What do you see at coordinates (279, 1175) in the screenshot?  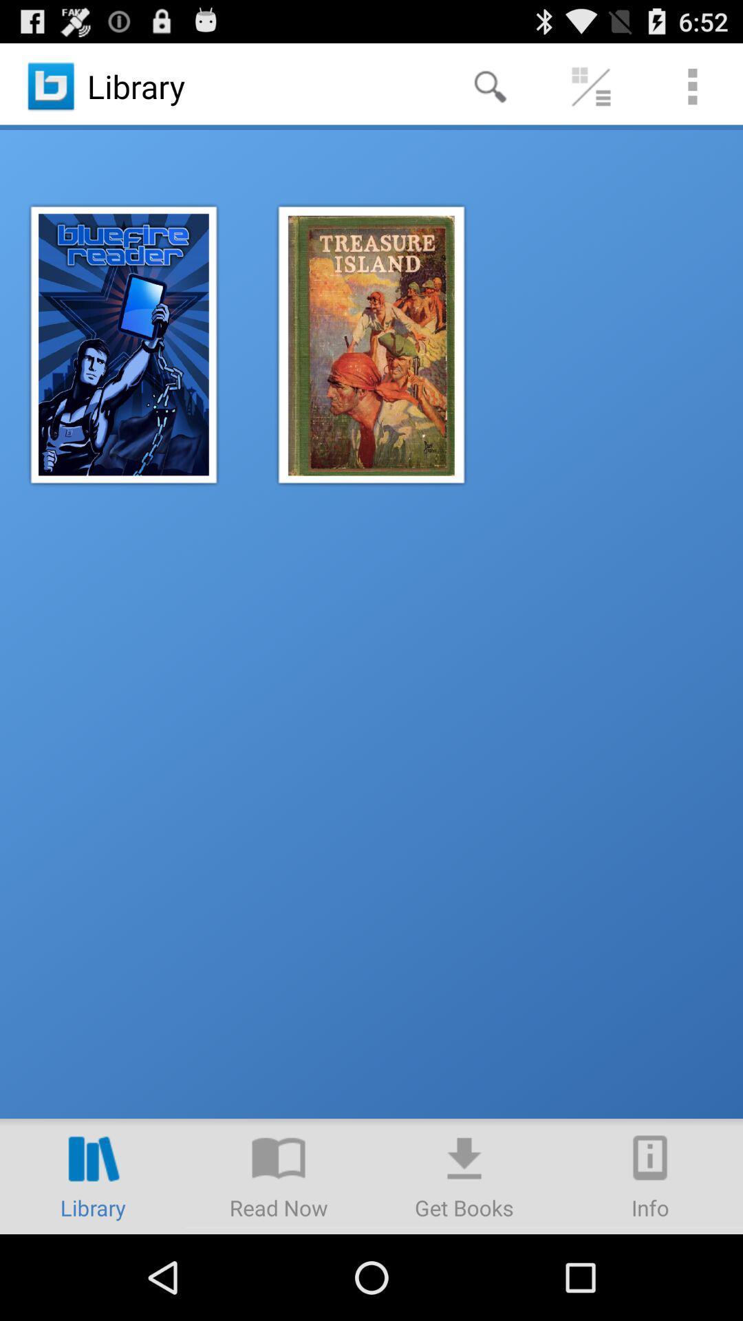 I see `read news` at bounding box center [279, 1175].